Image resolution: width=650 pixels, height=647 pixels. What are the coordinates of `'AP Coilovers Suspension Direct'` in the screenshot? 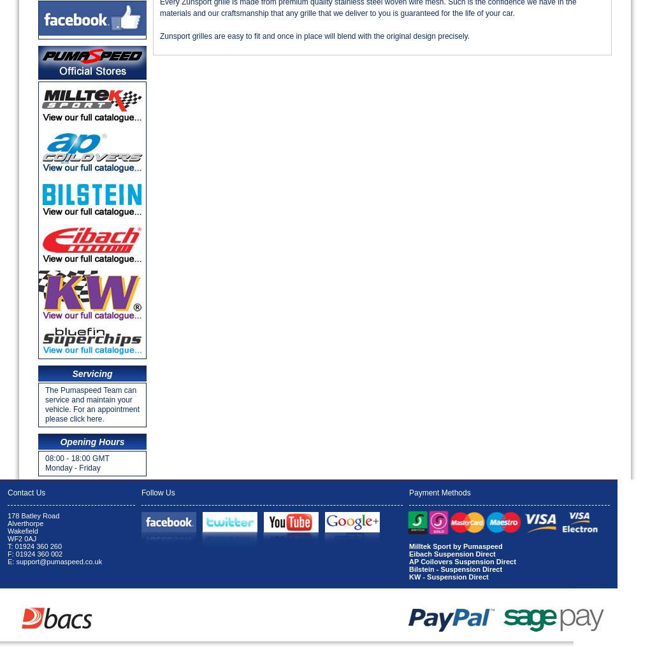 It's located at (462, 561).